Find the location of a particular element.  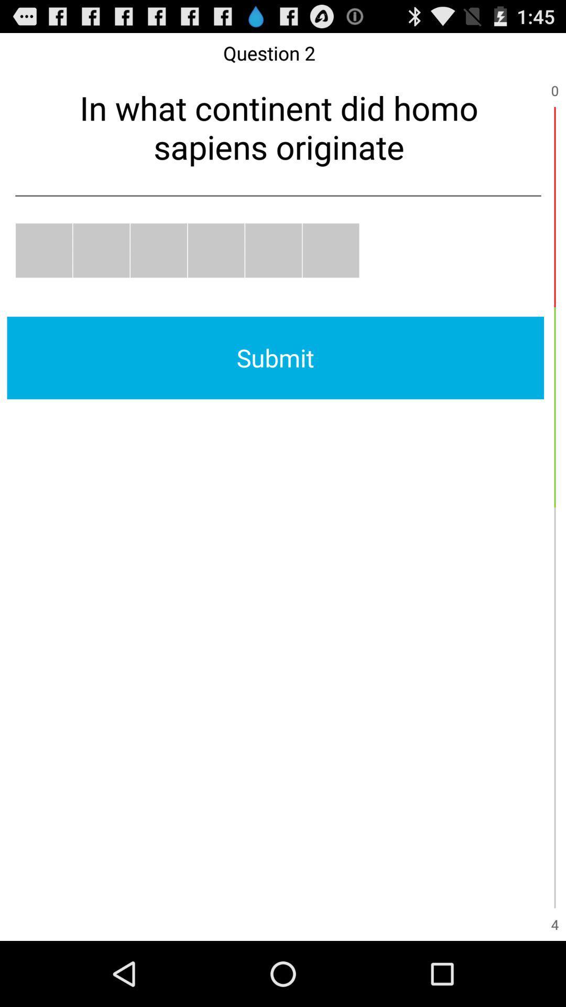

the icon above the submit icon is located at coordinates (215, 250).